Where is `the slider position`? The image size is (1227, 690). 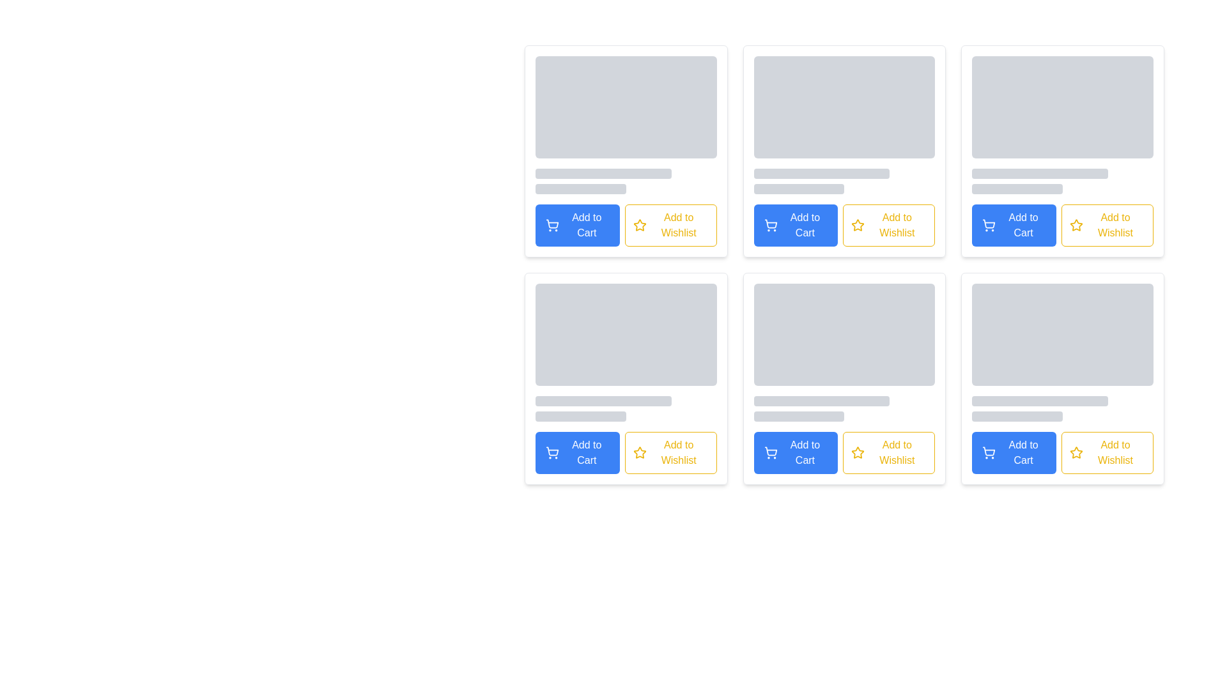 the slider position is located at coordinates (818, 416).